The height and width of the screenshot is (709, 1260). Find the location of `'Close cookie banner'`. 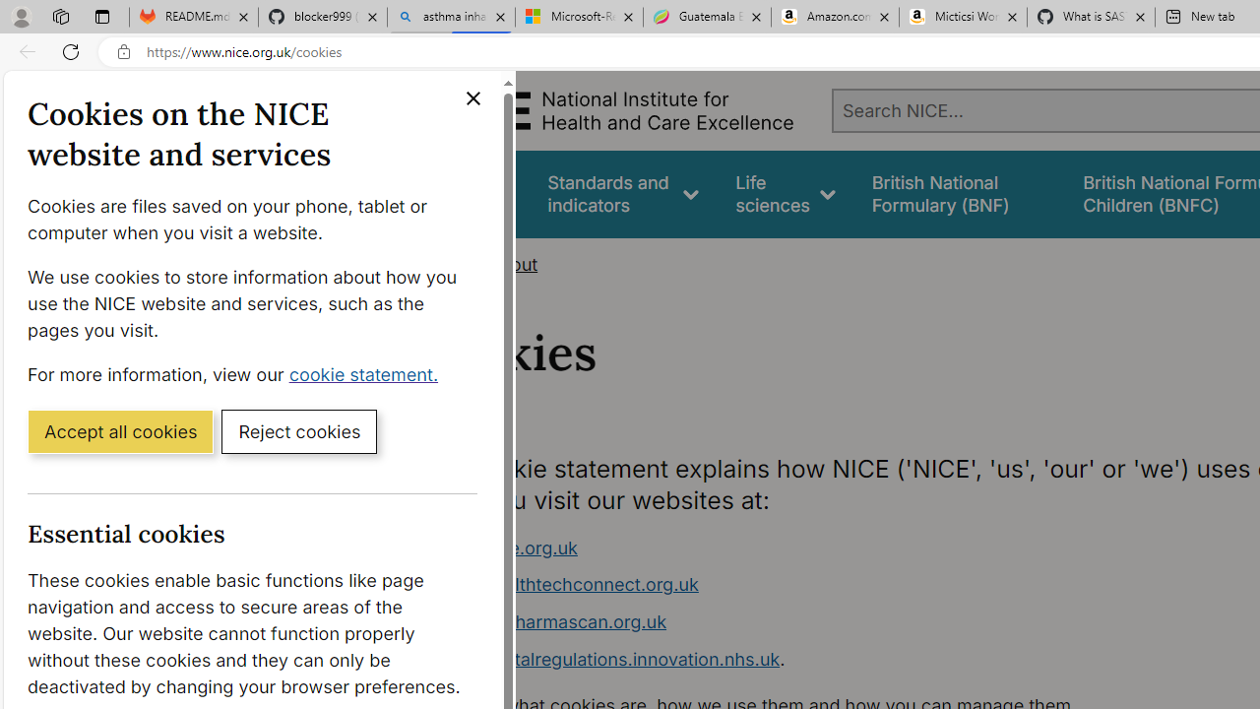

'Close cookie banner' is located at coordinates (472, 98).